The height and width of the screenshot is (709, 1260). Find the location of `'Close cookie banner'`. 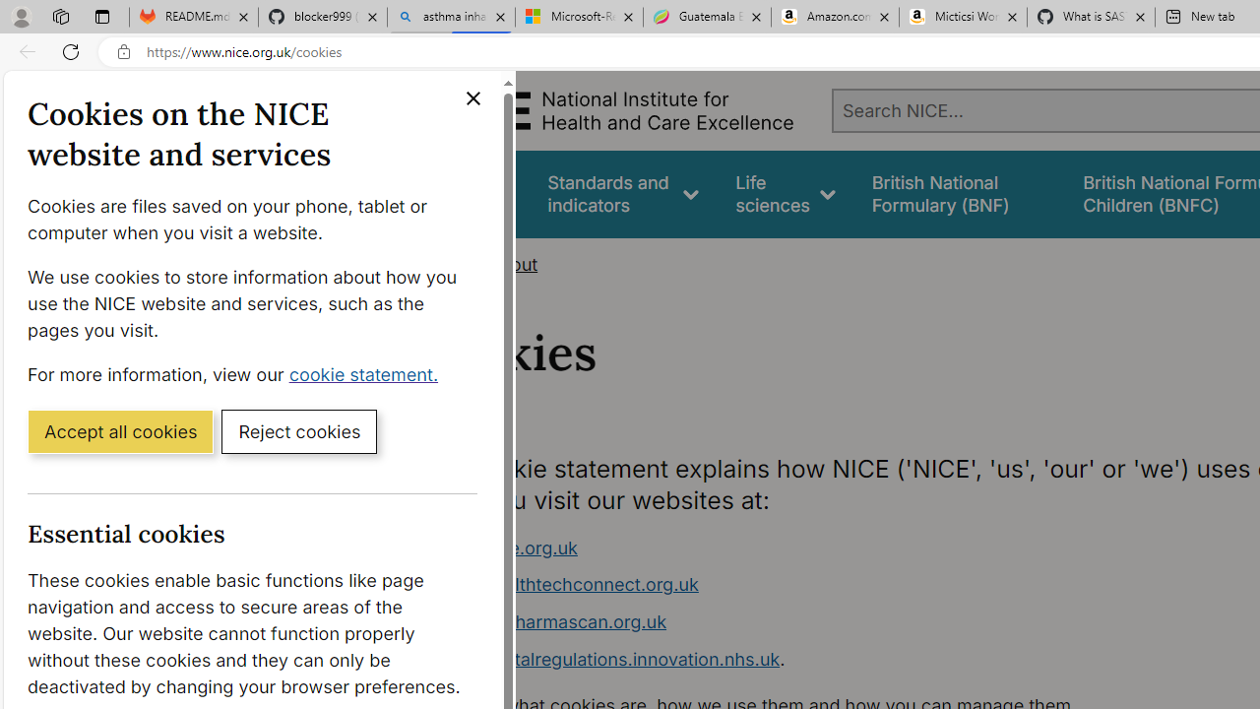

'Close cookie banner' is located at coordinates (472, 98).